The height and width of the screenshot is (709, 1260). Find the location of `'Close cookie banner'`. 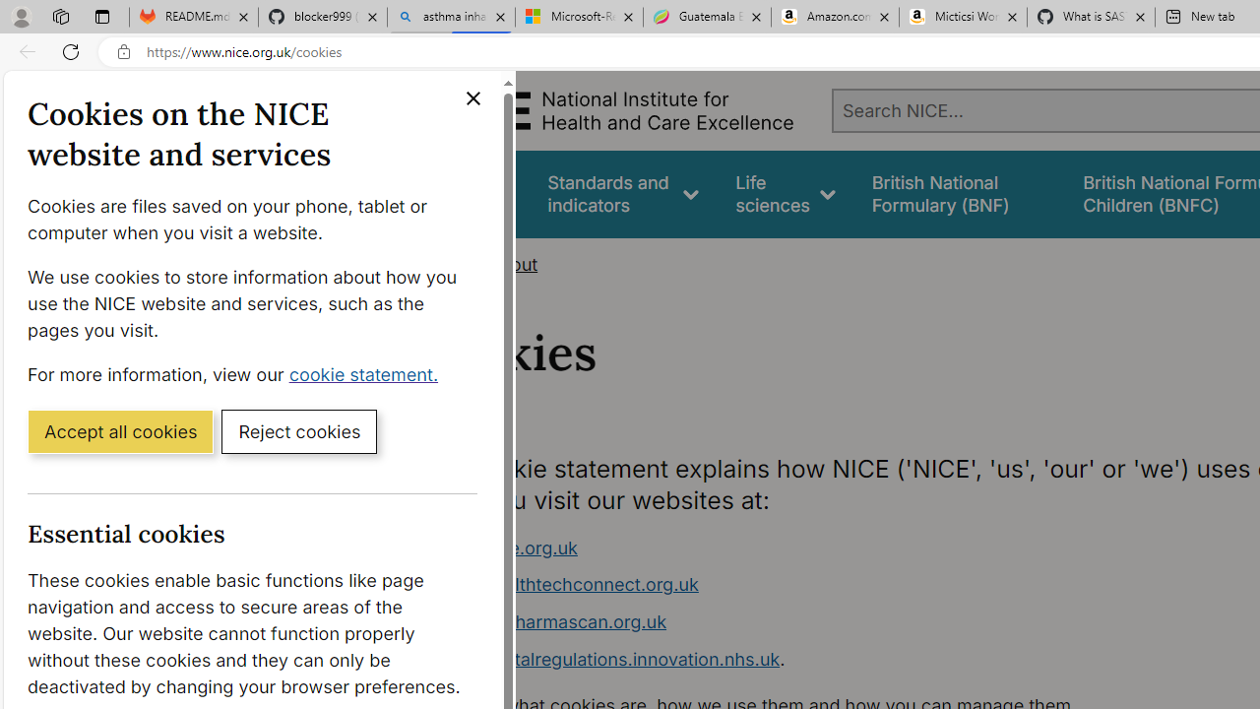

'Close cookie banner' is located at coordinates (472, 98).